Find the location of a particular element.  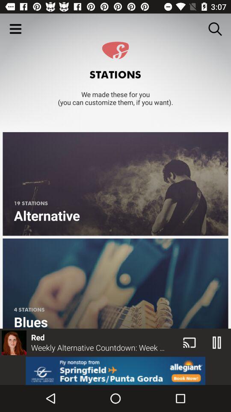

blues below alternative is located at coordinates (115, 283).